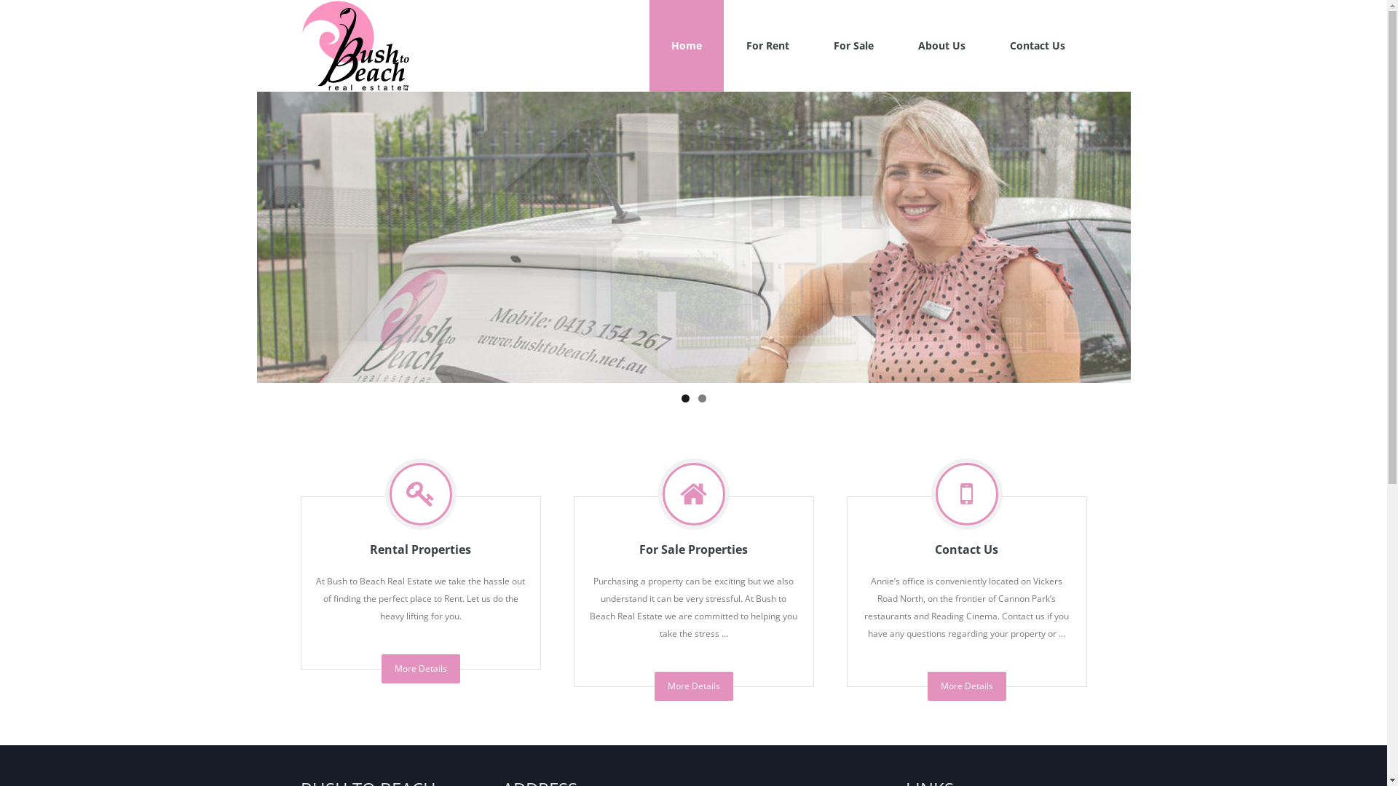 Image resolution: width=1398 pixels, height=786 pixels. What do you see at coordinates (941, 44) in the screenshot?
I see `'About Us'` at bounding box center [941, 44].